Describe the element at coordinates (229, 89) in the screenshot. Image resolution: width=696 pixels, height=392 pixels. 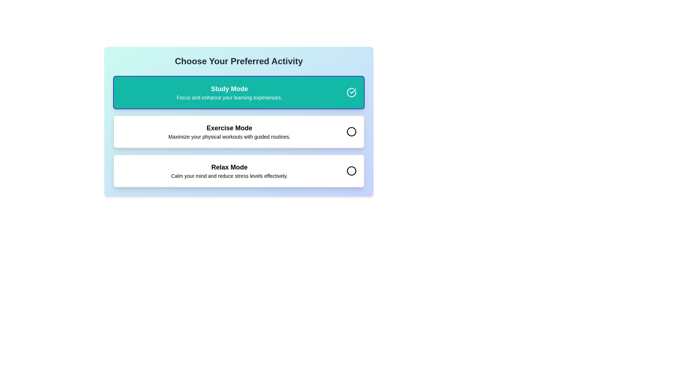
I see `the 'Study Mode' text label, which is the first element in a teal rounded rectangular area that indicates the selection option` at that location.